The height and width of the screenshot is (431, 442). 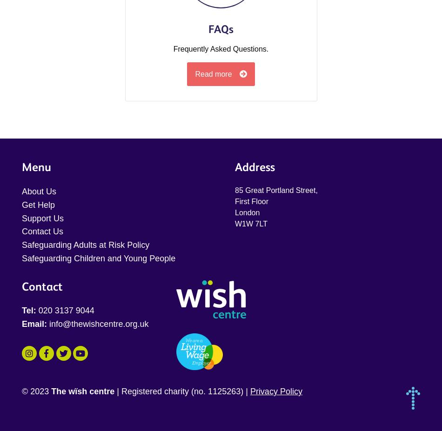 I want to click on '020 3137 9044', so click(x=65, y=310).